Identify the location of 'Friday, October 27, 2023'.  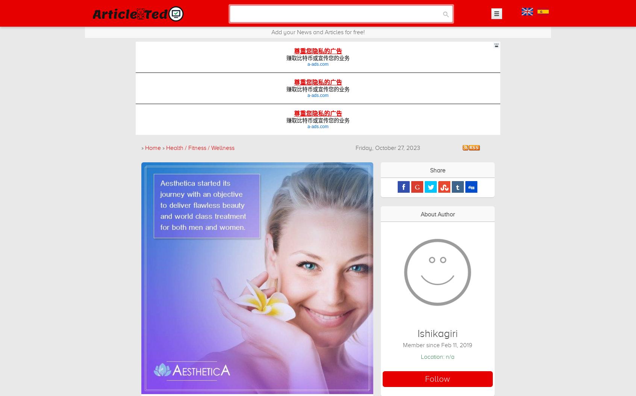
(387, 147).